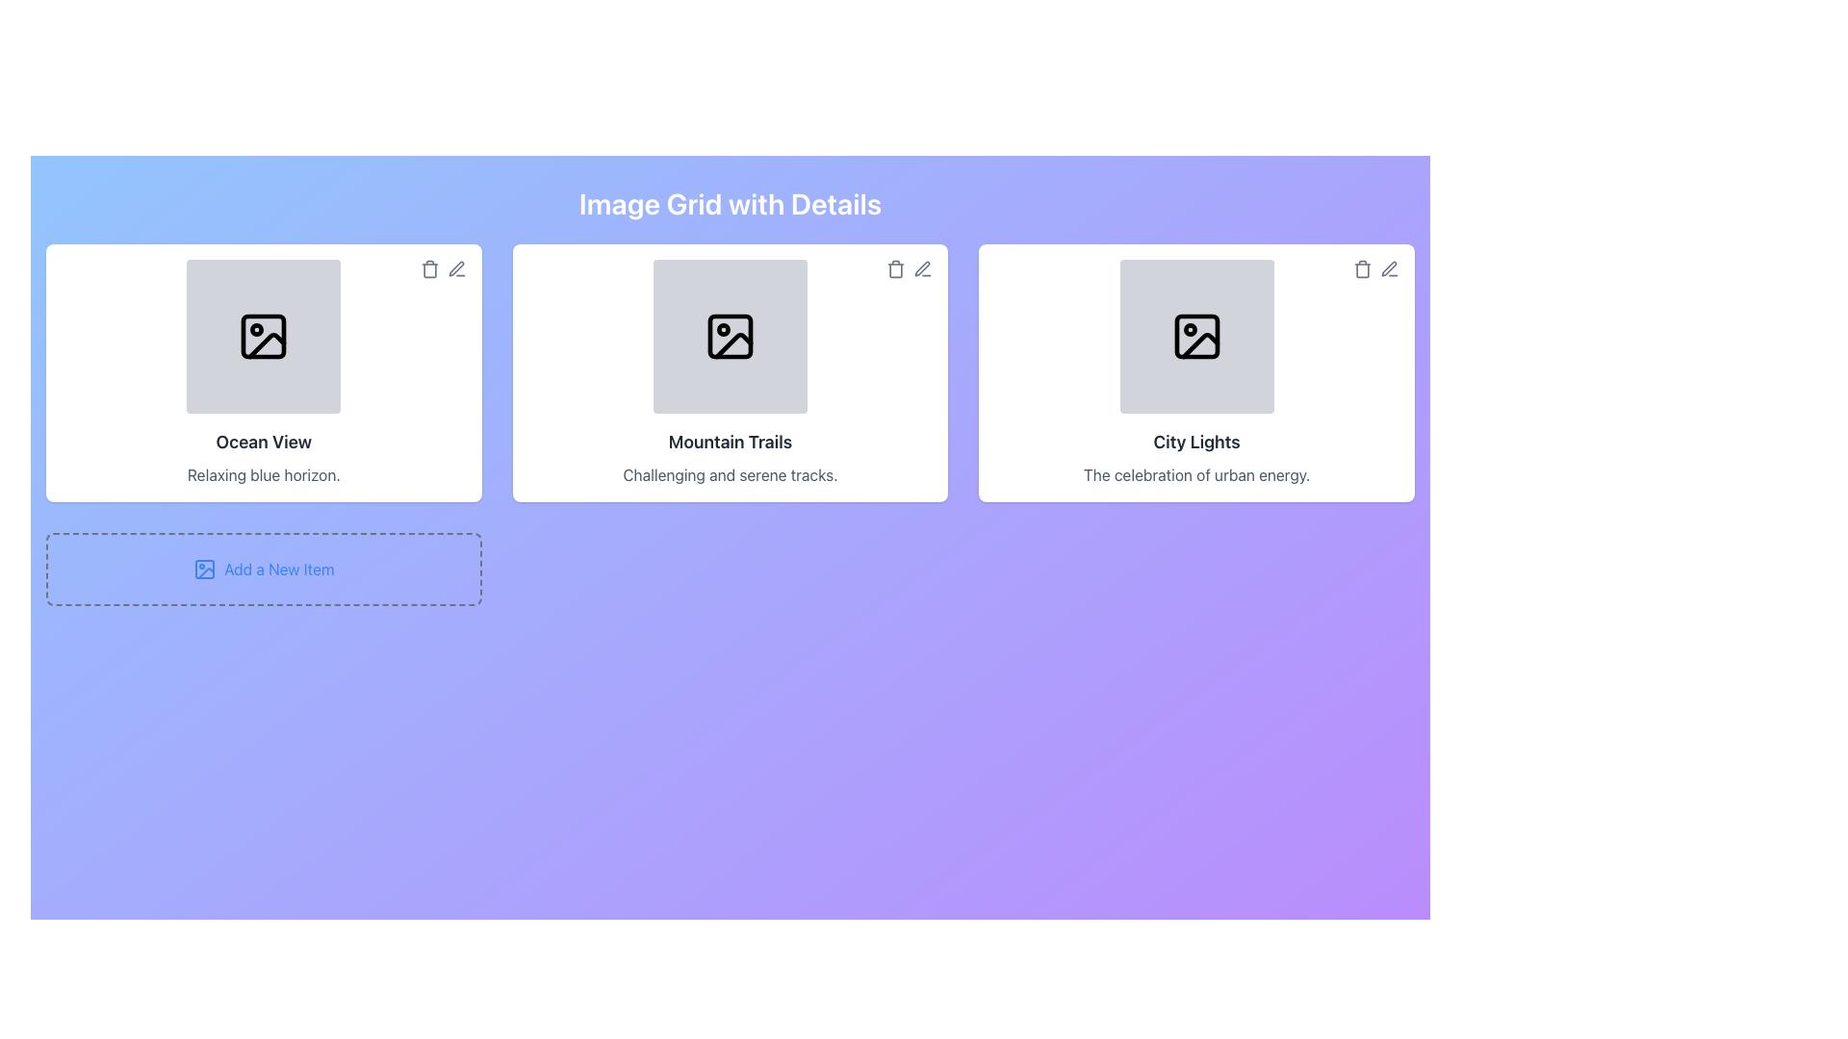  I want to click on the text label that serves as the title for the third item in the grid layout, positioned above the descriptive text 'The celebration of urban energy.', so click(1195, 442).